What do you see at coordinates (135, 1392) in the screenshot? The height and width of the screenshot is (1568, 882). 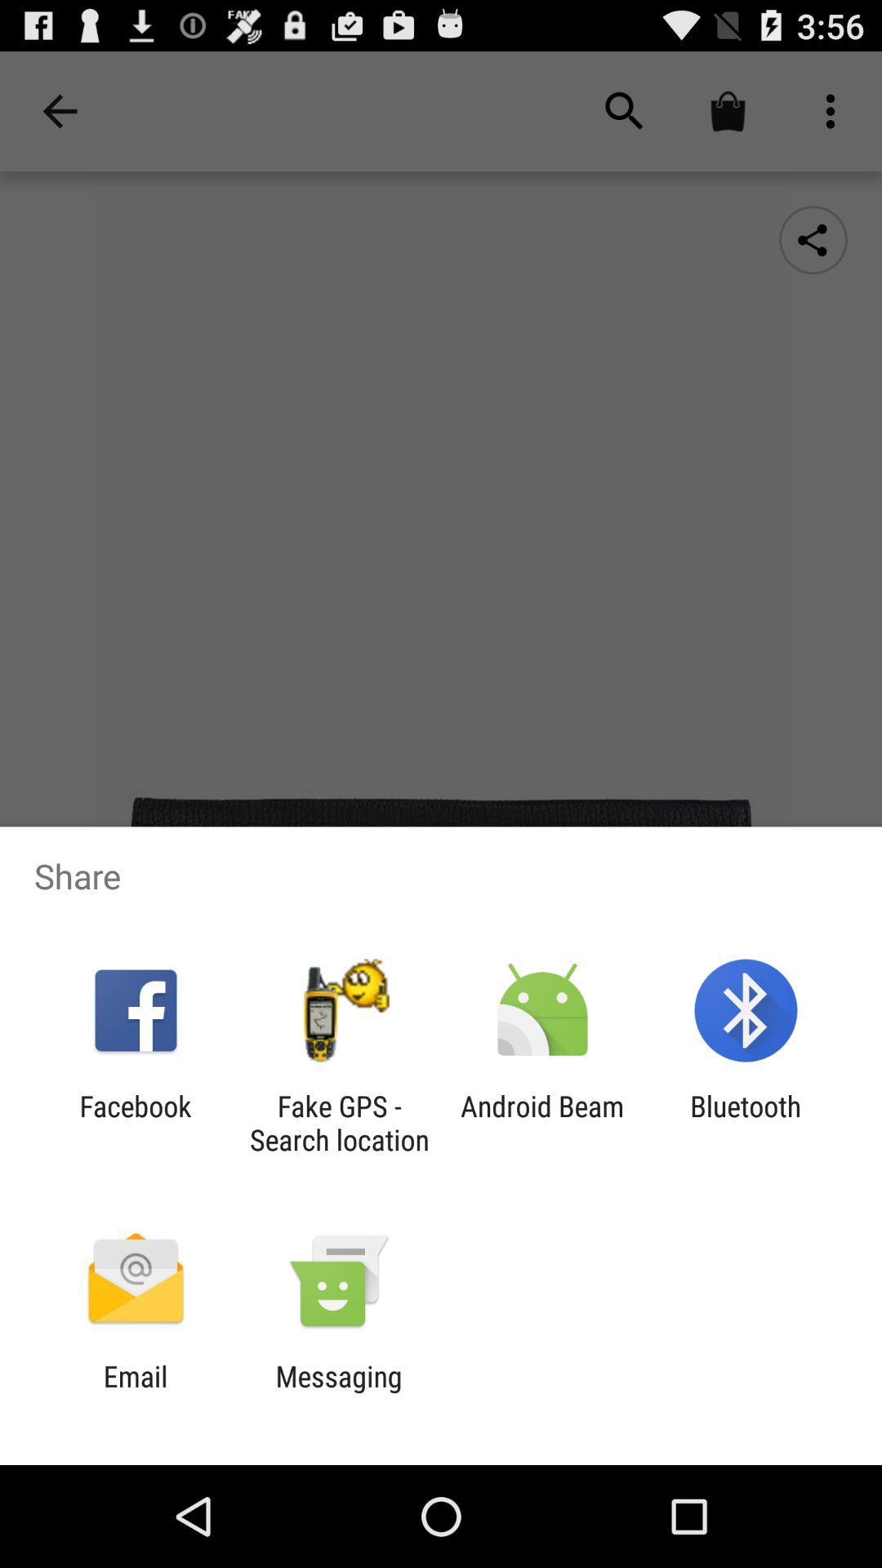 I see `app to the left of messaging item` at bounding box center [135, 1392].